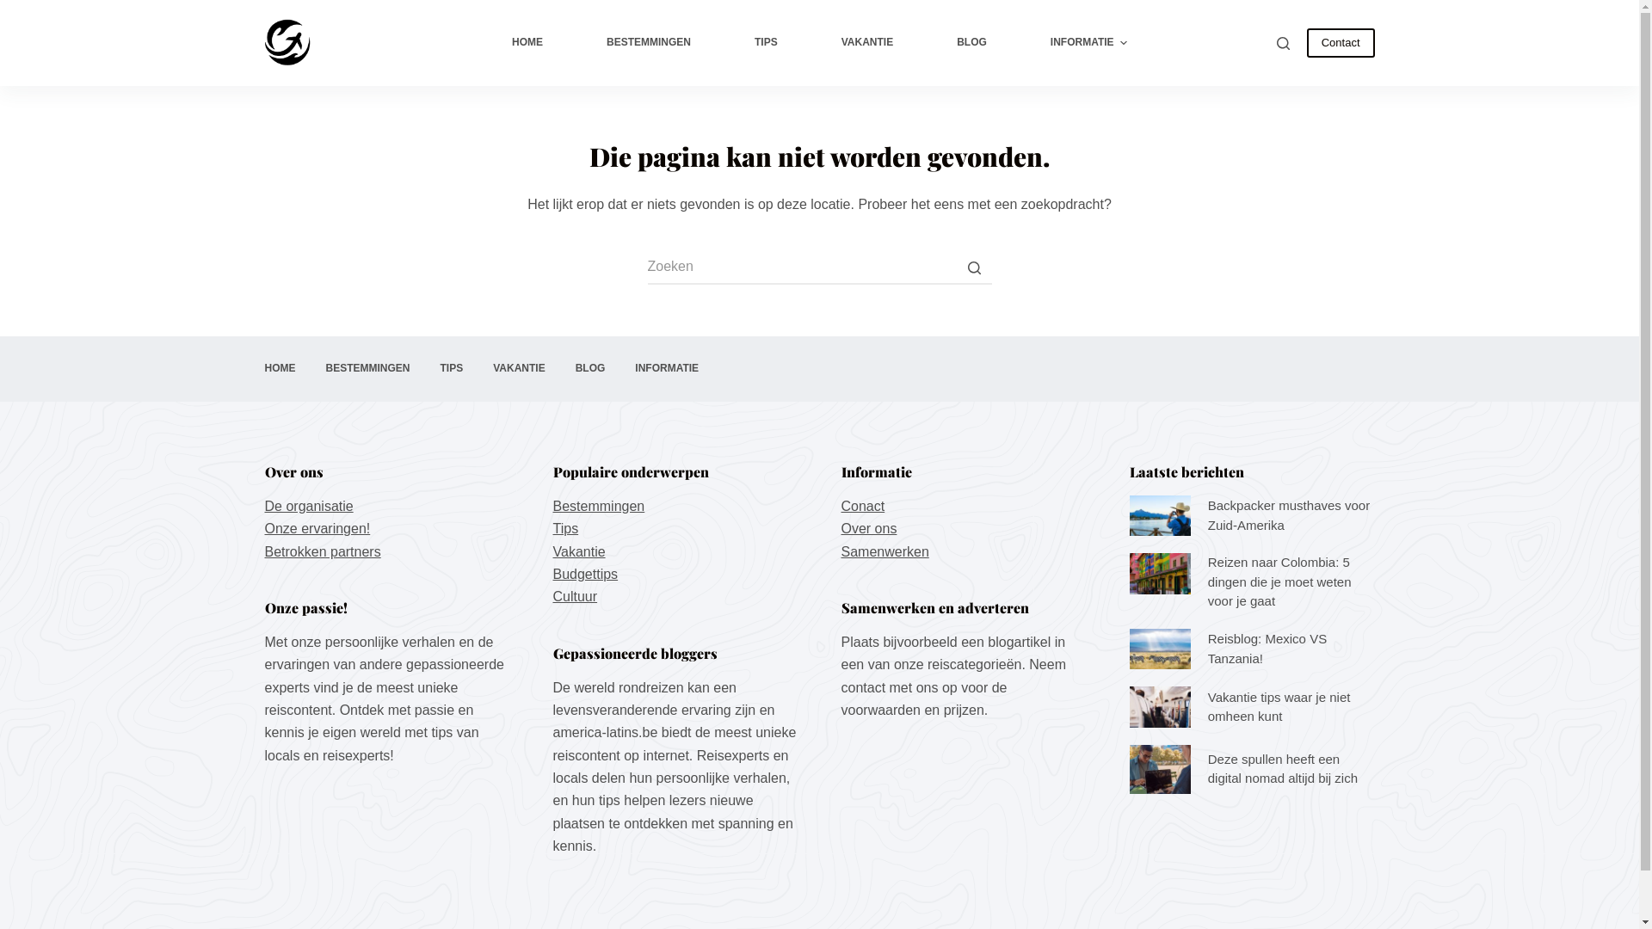  I want to click on 'Betrokken partners', so click(323, 551).